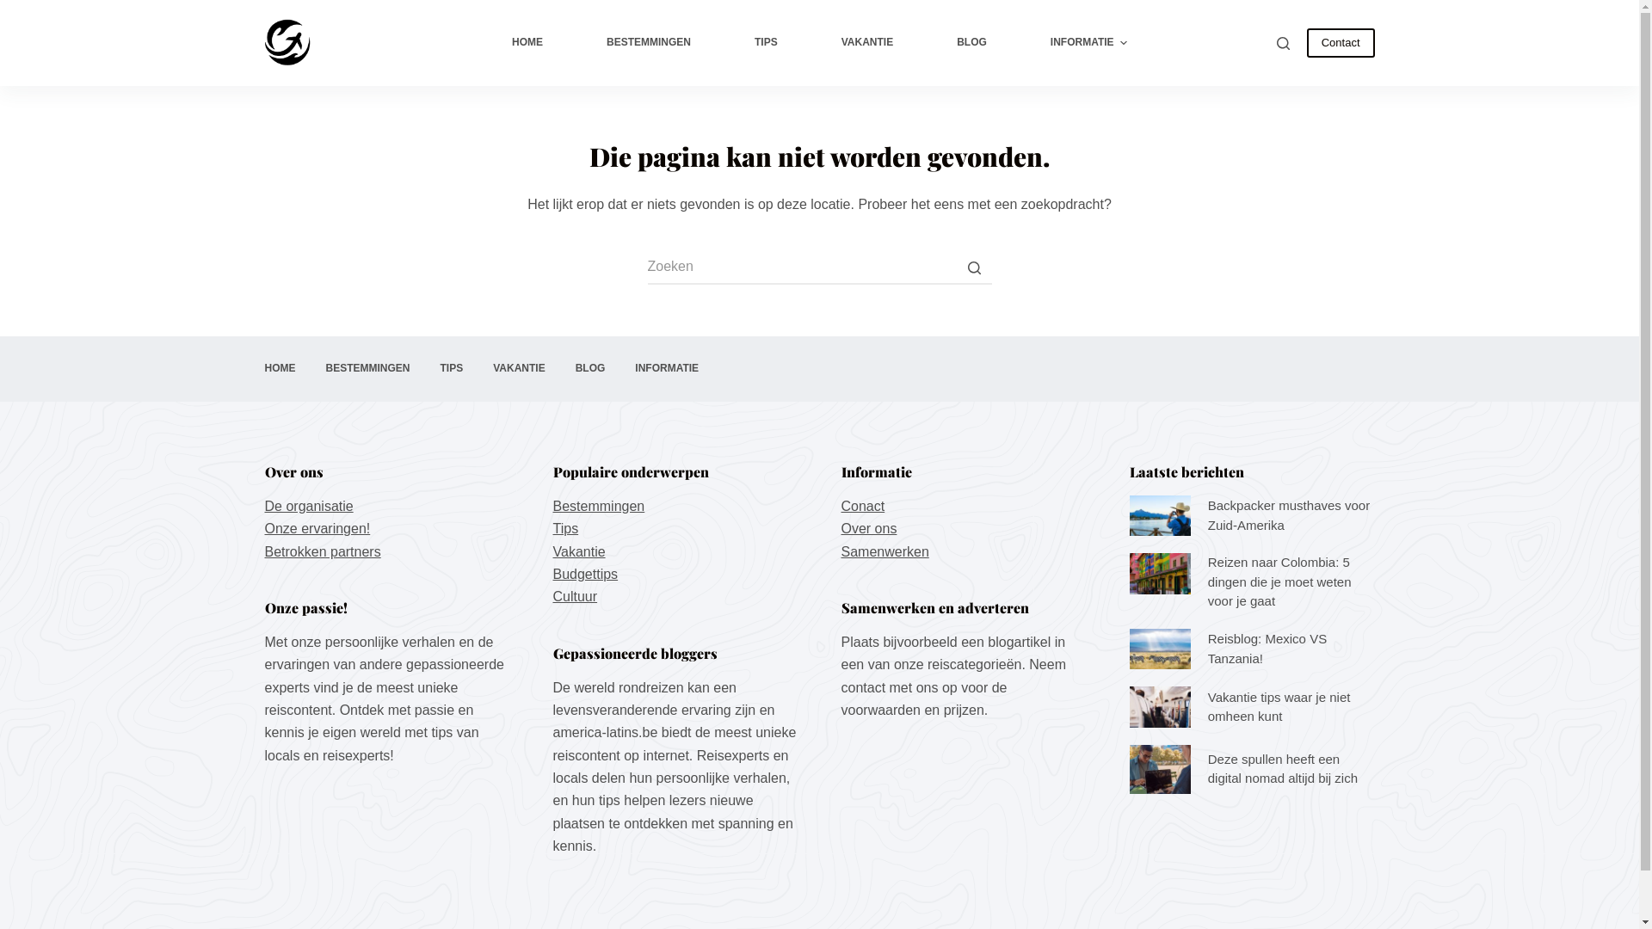  I want to click on 'Betrokken partners', so click(323, 551).